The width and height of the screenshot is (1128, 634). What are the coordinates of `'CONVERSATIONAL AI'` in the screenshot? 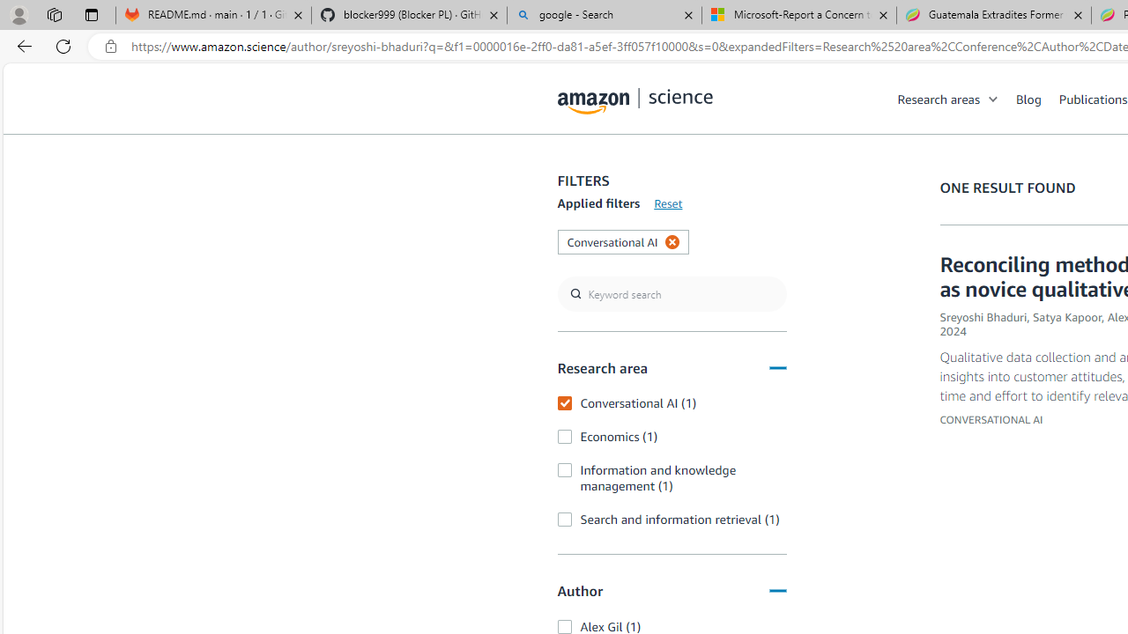 It's located at (991, 420).